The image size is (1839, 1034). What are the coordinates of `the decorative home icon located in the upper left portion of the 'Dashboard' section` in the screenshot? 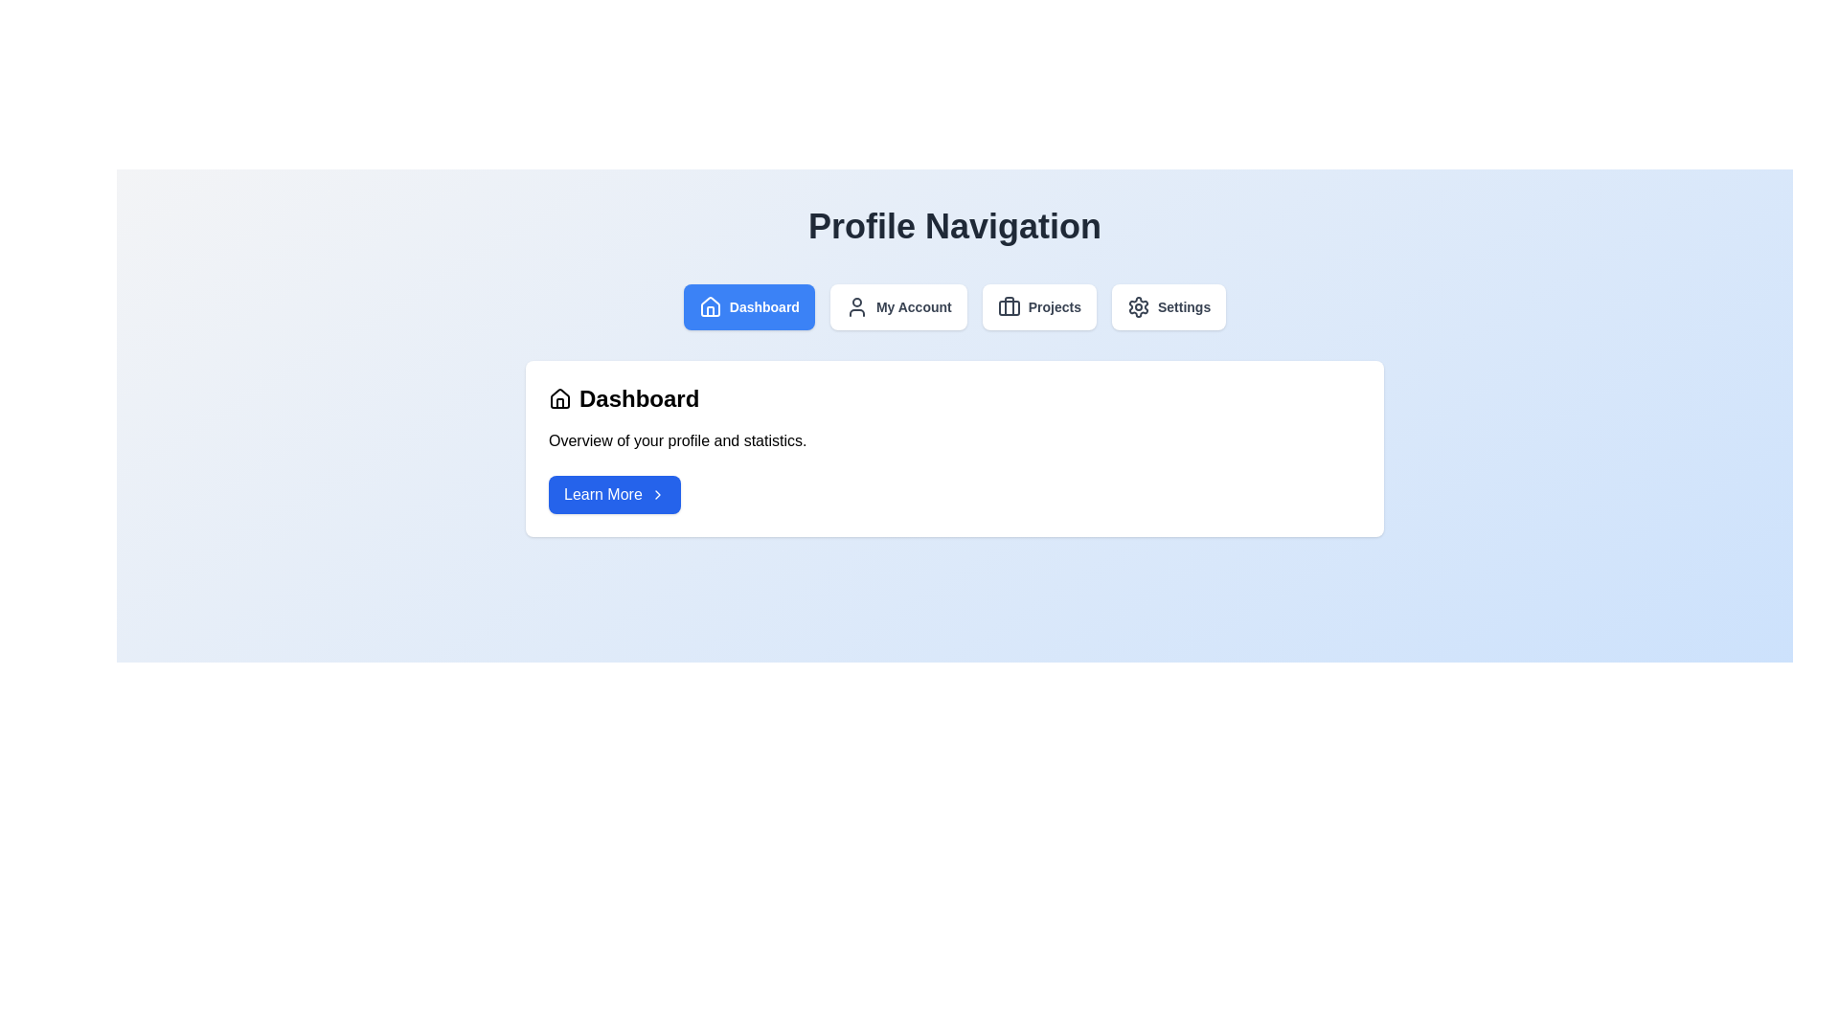 It's located at (559, 397).